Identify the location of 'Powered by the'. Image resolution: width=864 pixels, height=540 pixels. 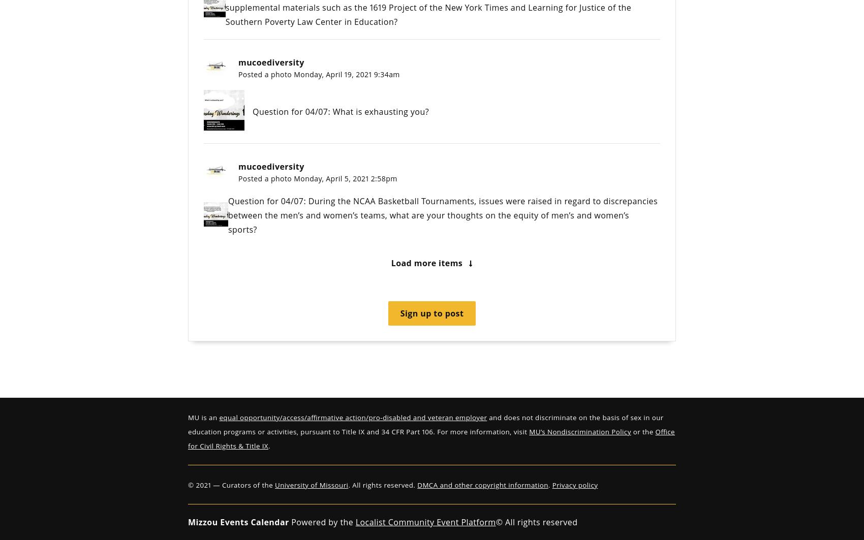
(321, 522).